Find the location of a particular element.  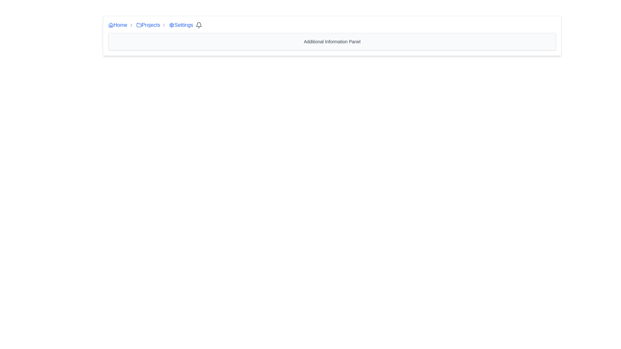

the small folder icon with a thin outline and rounded corners that is positioned before the 'Projects' text in the breadcrumb navigation bar is located at coordinates (138, 25).